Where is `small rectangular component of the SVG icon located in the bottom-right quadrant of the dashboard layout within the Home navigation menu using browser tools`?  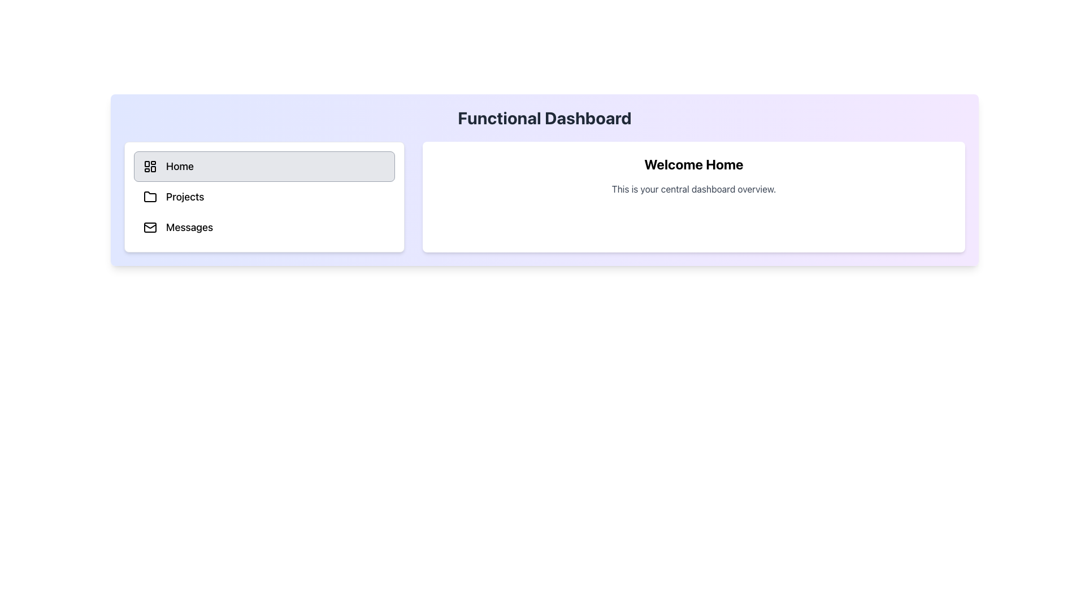
small rectangular component of the SVG icon located in the bottom-right quadrant of the dashboard layout within the Home navigation menu using browser tools is located at coordinates (153, 169).